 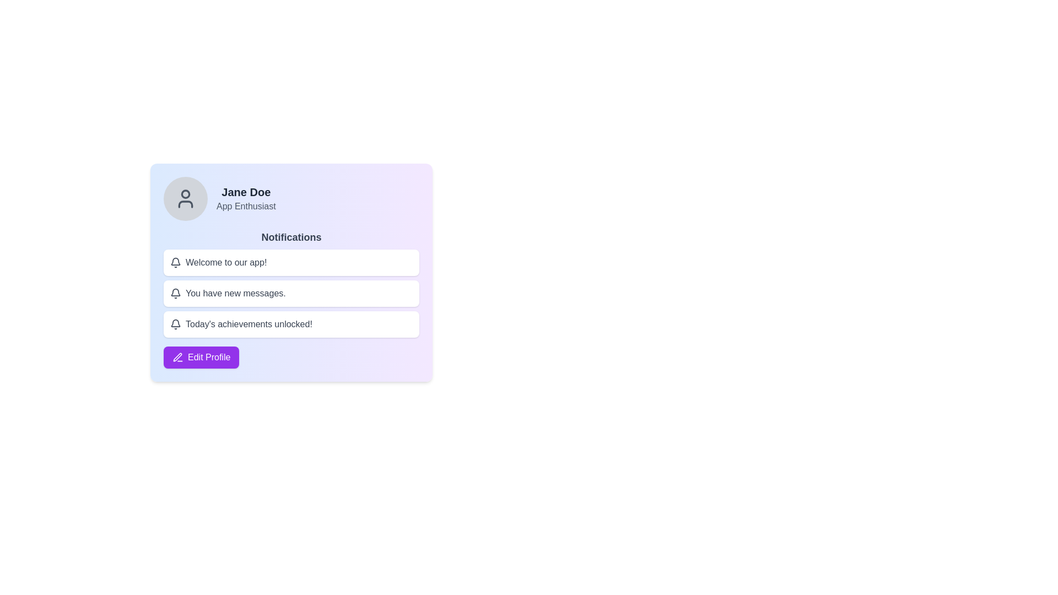 What do you see at coordinates (185, 193) in the screenshot?
I see `the circular graphical icon component that is part of a user silhouette, located in the top-half region of the icon` at bounding box center [185, 193].